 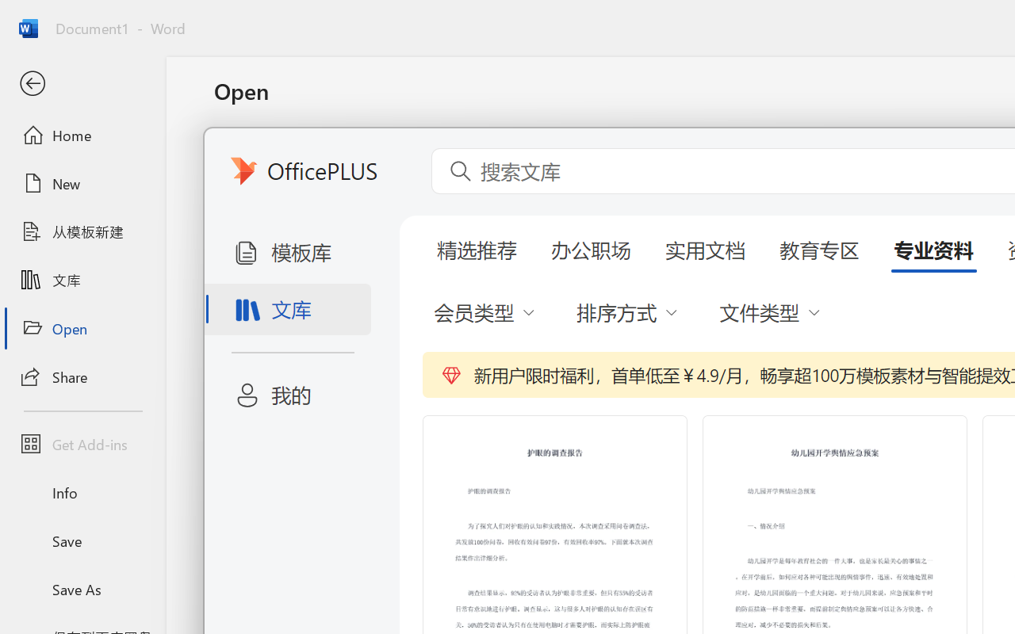 What do you see at coordinates (82, 589) in the screenshot?
I see `'Save As'` at bounding box center [82, 589].